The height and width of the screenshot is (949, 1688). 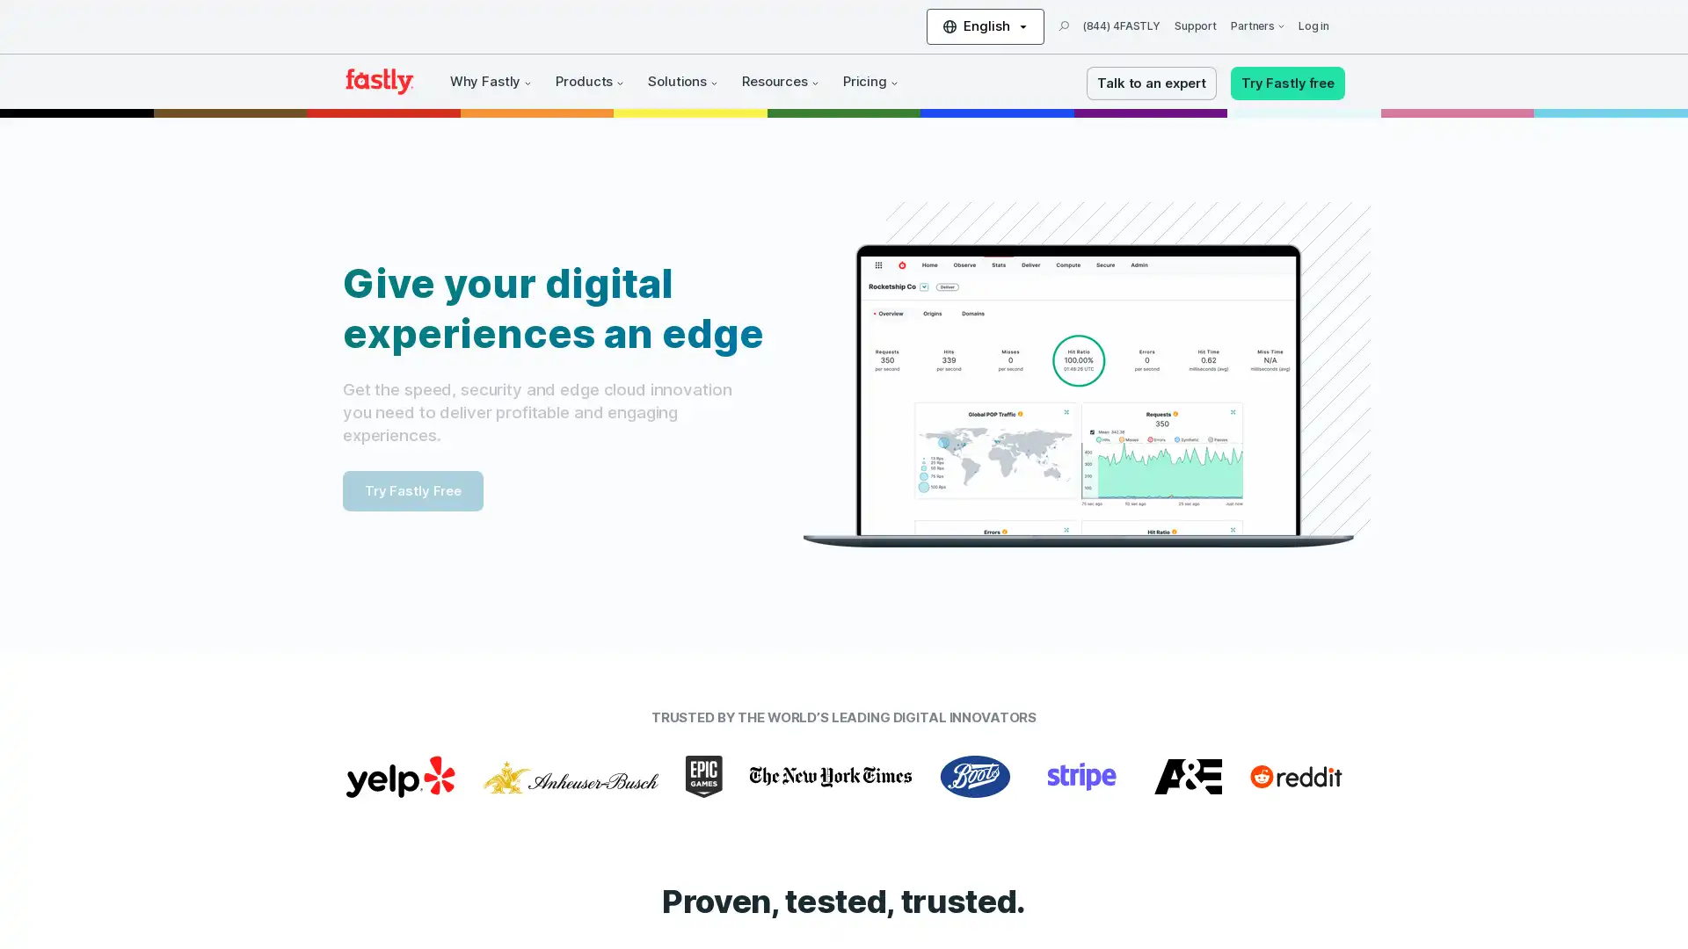 I want to click on Close, so click(x=321, y=712).